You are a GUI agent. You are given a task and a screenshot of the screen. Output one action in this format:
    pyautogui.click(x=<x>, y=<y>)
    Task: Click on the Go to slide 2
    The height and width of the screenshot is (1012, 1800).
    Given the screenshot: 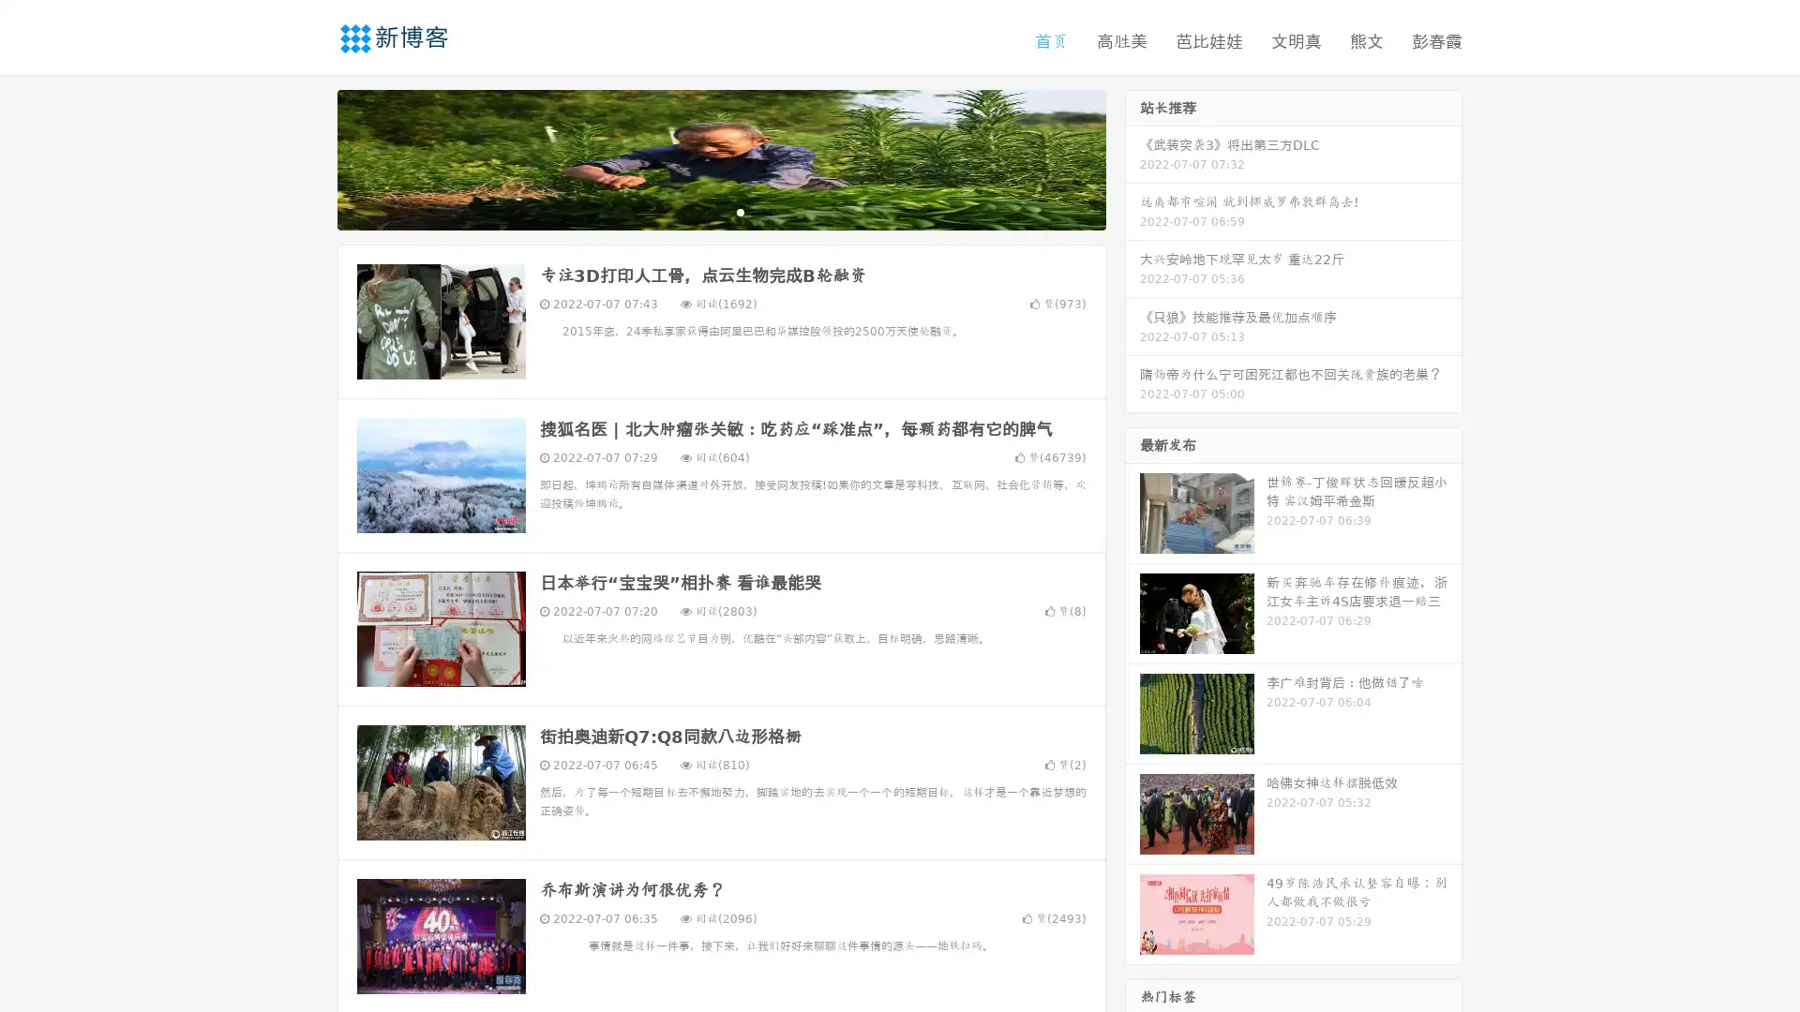 What is the action you would take?
    pyautogui.click(x=720, y=211)
    